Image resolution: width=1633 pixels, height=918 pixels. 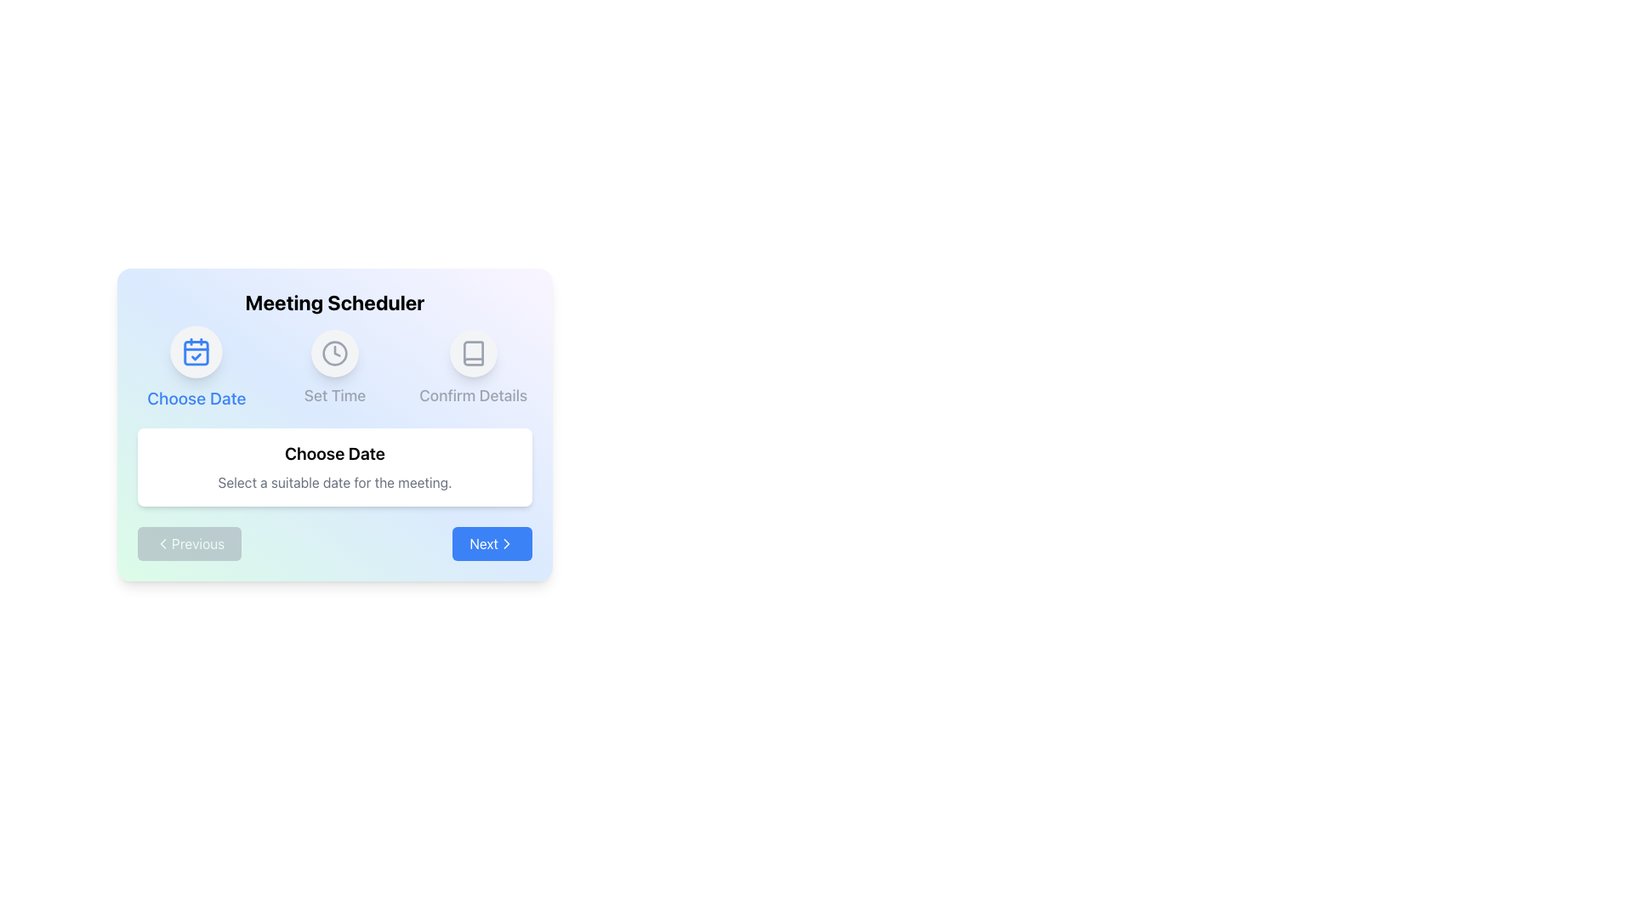 I want to click on the calendar icon with a checkmark, which is the first icon in the 'Meeting Scheduler' panel, so click(x=196, y=351).